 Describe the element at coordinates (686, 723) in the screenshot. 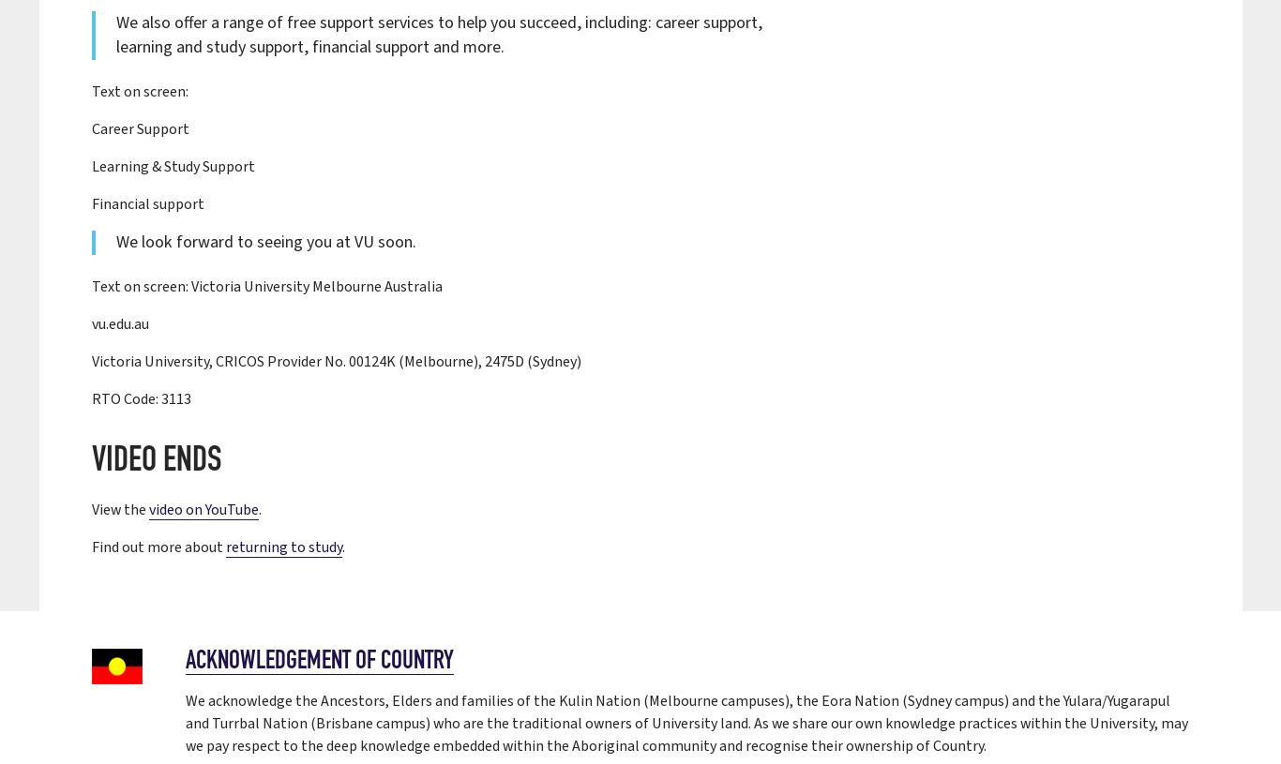

I see `'We acknowledge the Ancestors, Elders and families of the Kulin Nation (Melbourne campuses), the Eora Nation (Sydney campus) and the Yulara/Yugarapul and Turrbal Nation (Brisbane campus) who are the traditional owners of University land. As we share our own knowledge practices within the University, may we pay respect to the deep knowledge embedded within the Aboriginal community and recognise their ownership of Country.'` at that location.